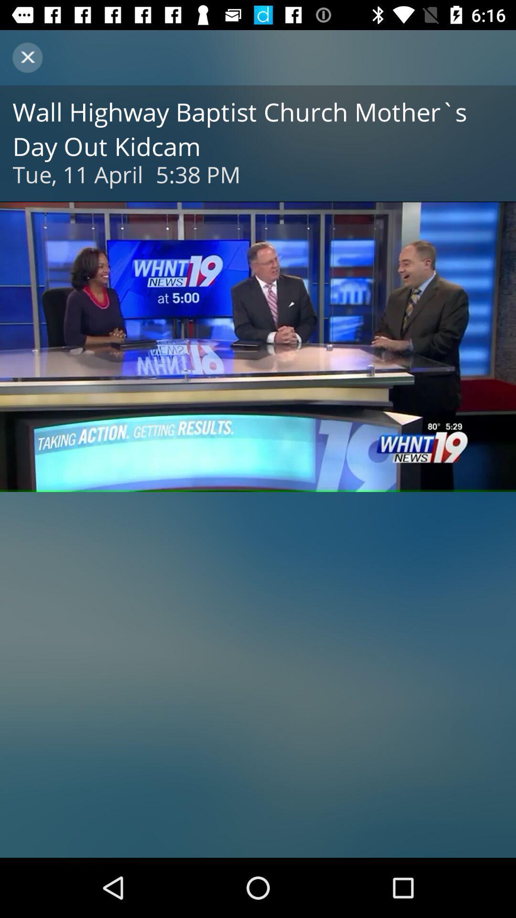  What do you see at coordinates (27, 57) in the screenshot?
I see `the close icon` at bounding box center [27, 57].